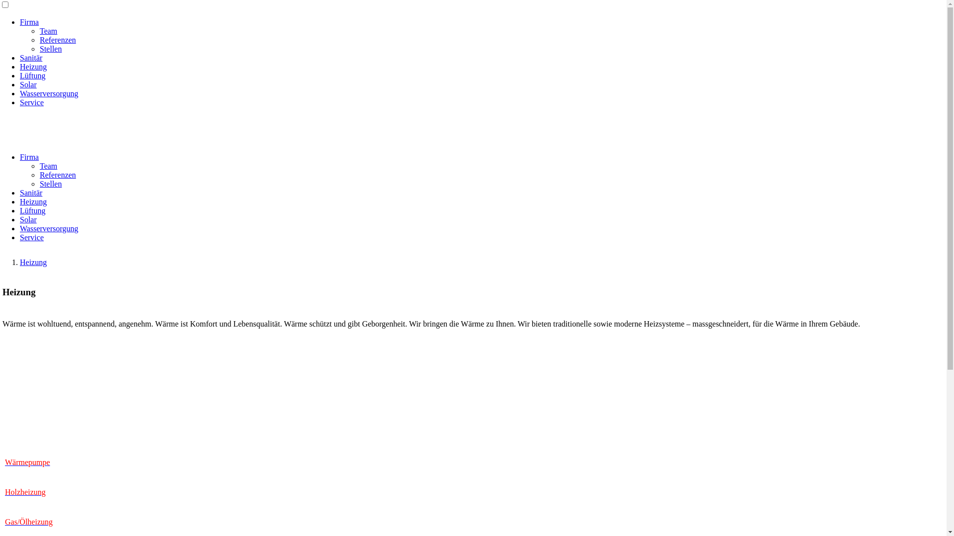 This screenshot has width=954, height=536. What do you see at coordinates (19, 219) in the screenshot?
I see `'Solar'` at bounding box center [19, 219].